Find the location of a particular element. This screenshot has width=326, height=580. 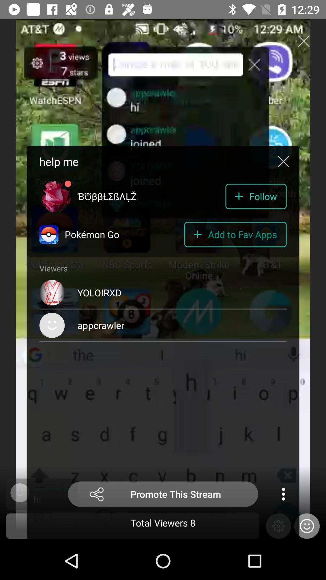

the close icon is located at coordinates (304, 41).